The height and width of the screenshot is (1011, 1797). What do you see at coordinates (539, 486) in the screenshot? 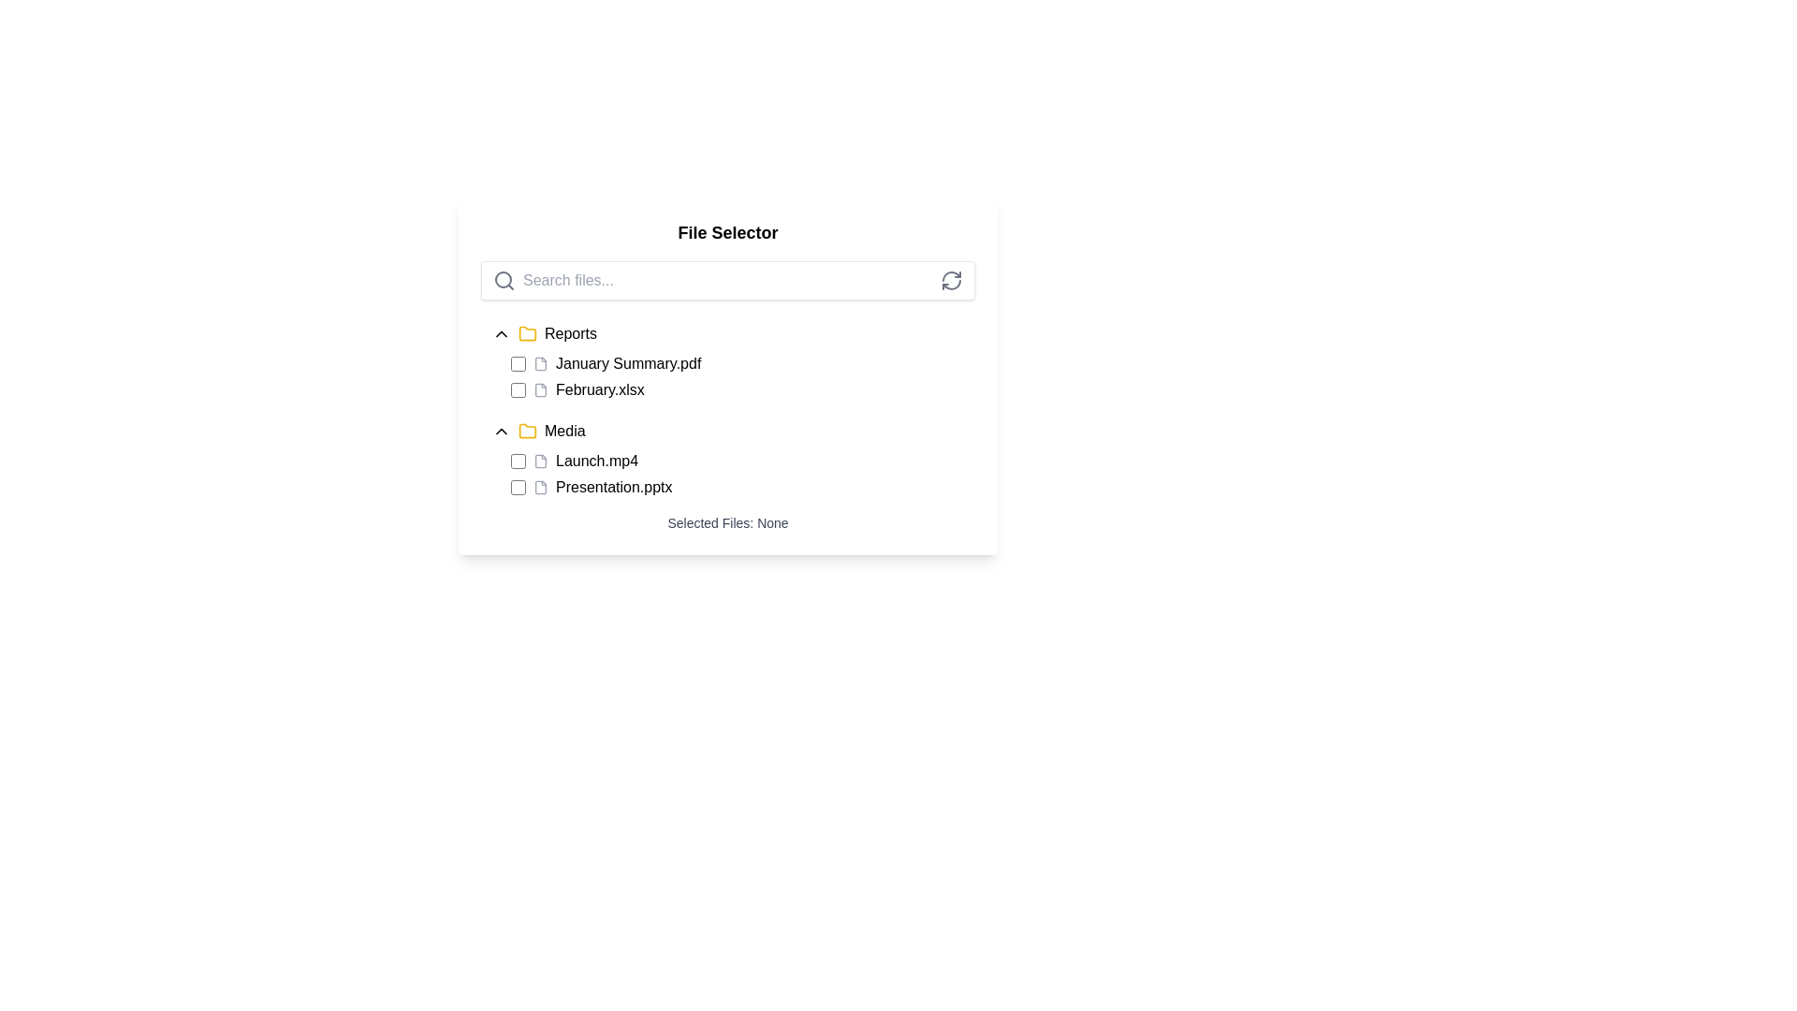
I see `the document icon with a minimalist outline in gray, located next to the text 'Presentation.pptx' under the 'Media' section` at bounding box center [539, 486].